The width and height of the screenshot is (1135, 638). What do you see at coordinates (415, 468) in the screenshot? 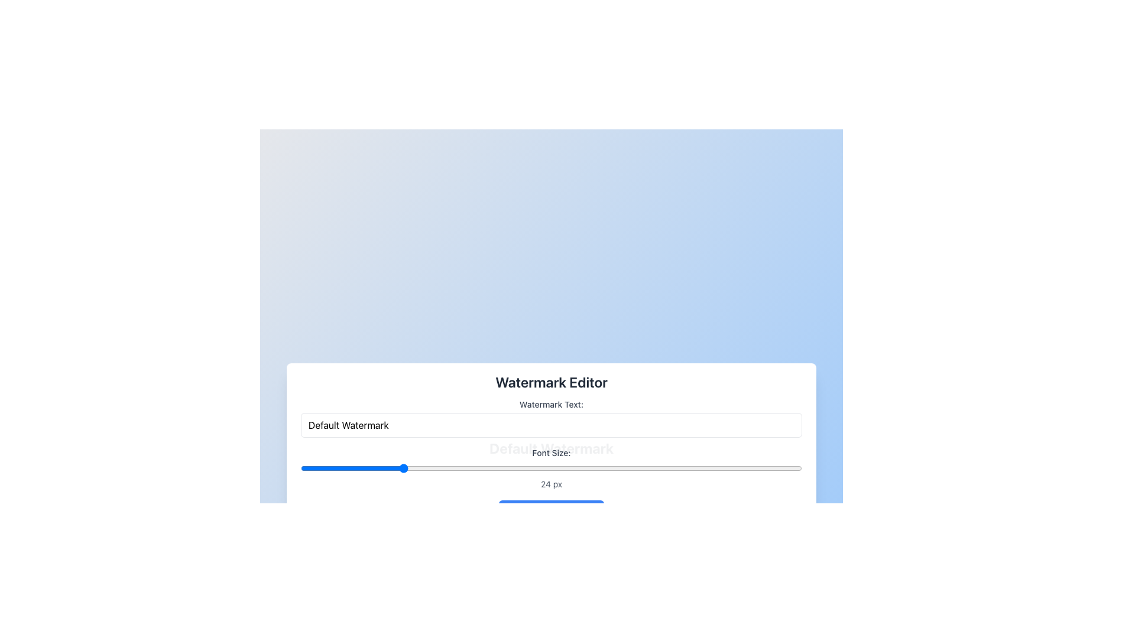
I see `font size` at bounding box center [415, 468].